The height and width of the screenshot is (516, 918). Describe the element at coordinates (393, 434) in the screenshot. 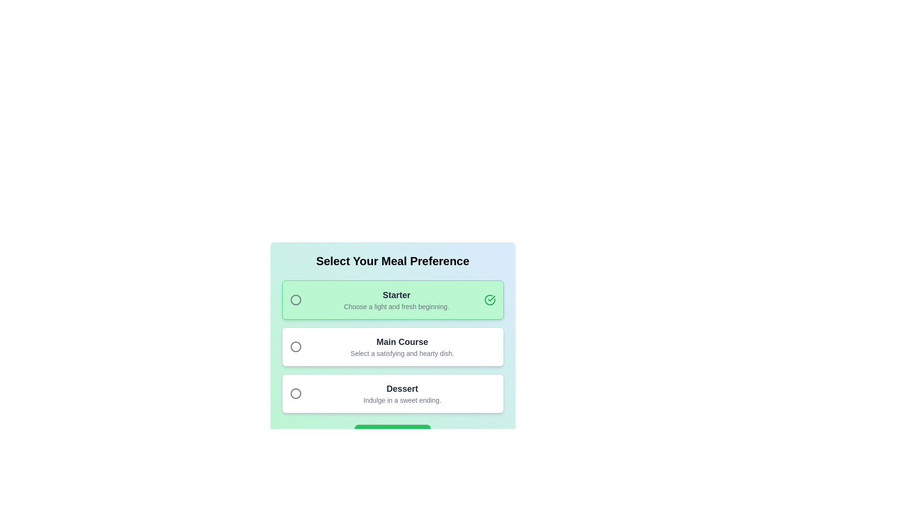

I see `the 'Confirm Selection' button, which is a rectangular button with rounded corners, green background, and white text located at the bottom of the meal options section` at that location.